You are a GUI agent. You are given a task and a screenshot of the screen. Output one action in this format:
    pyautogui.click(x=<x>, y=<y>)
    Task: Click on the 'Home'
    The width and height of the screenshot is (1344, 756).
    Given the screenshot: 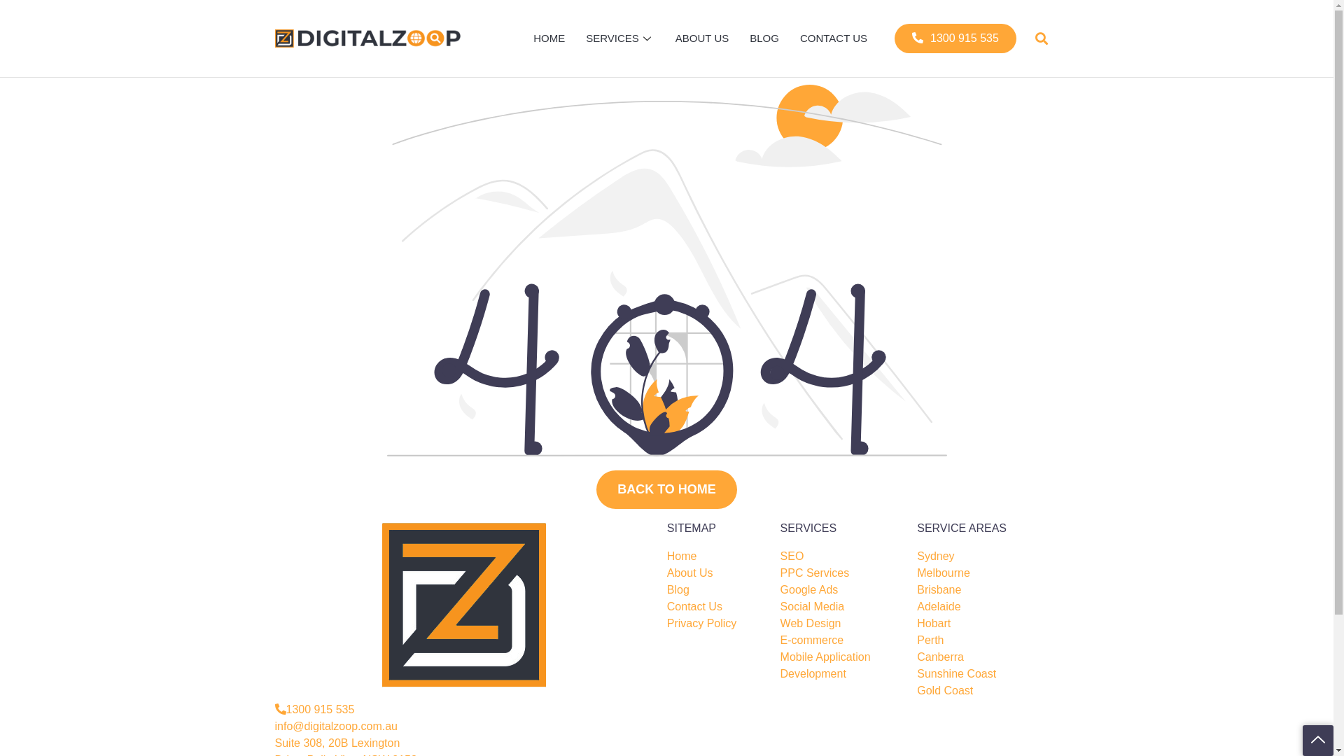 What is the action you would take?
    pyautogui.click(x=682, y=555)
    